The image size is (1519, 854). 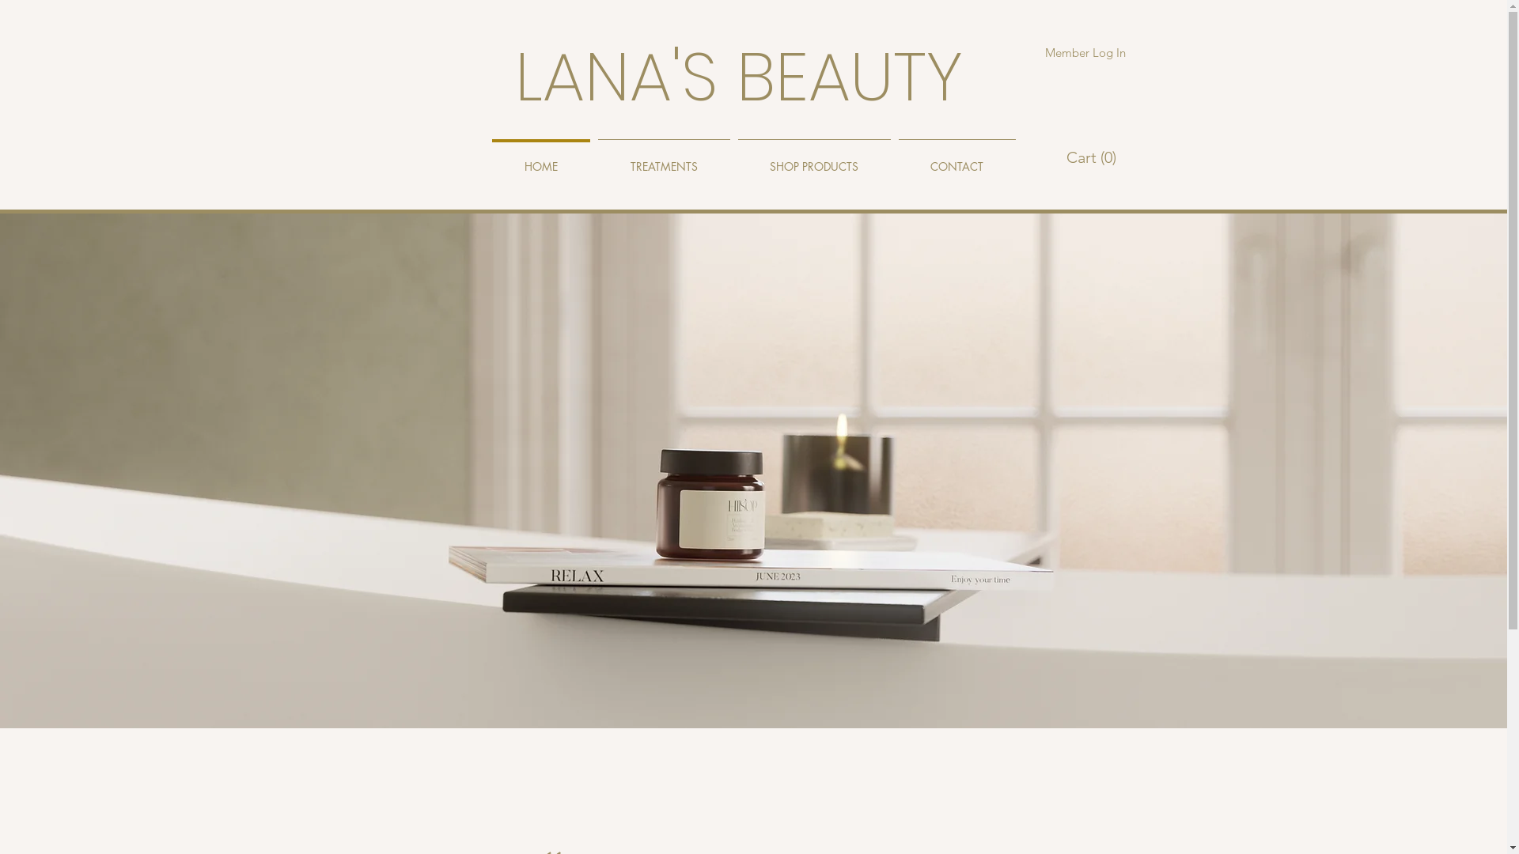 What do you see at coordinates (540, 159) in the screenshot?
I see `'HOME'` at bounding box center [540, 159].